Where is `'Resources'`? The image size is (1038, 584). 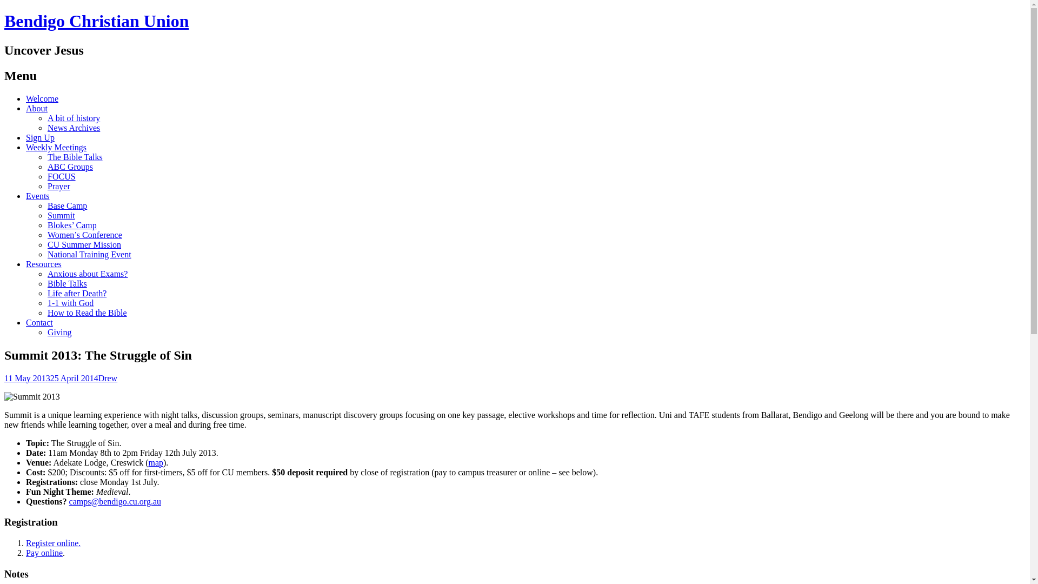
'Resources' is located at coordinates (43, 264).